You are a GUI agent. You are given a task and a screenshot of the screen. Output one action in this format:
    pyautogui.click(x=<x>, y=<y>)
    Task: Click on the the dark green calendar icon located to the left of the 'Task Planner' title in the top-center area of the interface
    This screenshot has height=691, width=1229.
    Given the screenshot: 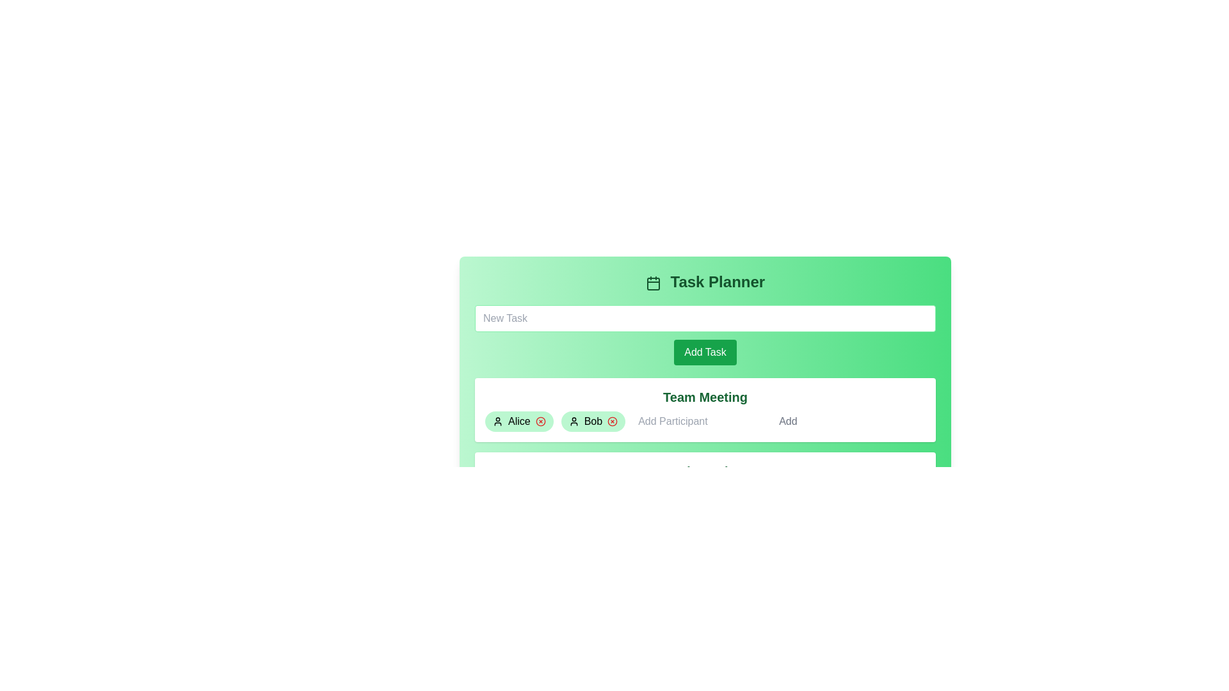 What is the action you would take?
    pyautogui.click(x=653, y=282)
    